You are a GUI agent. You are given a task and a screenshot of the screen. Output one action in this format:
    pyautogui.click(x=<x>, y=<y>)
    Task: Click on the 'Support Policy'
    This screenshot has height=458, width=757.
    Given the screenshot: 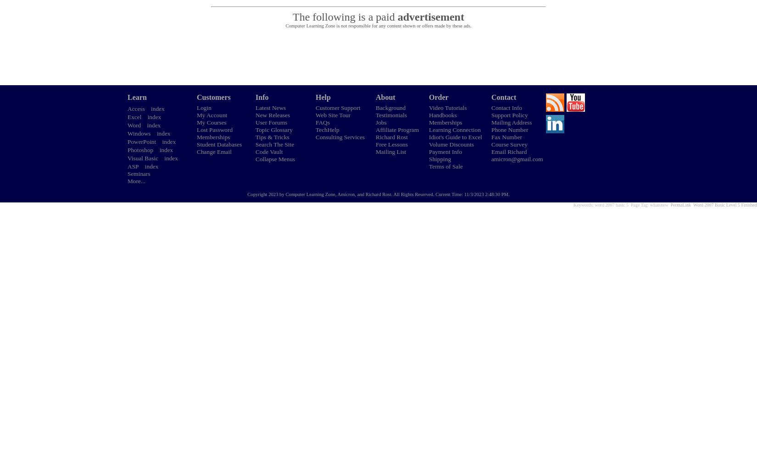 What is the action you would take?
    pyautogui.click(x=509, y=115)
    